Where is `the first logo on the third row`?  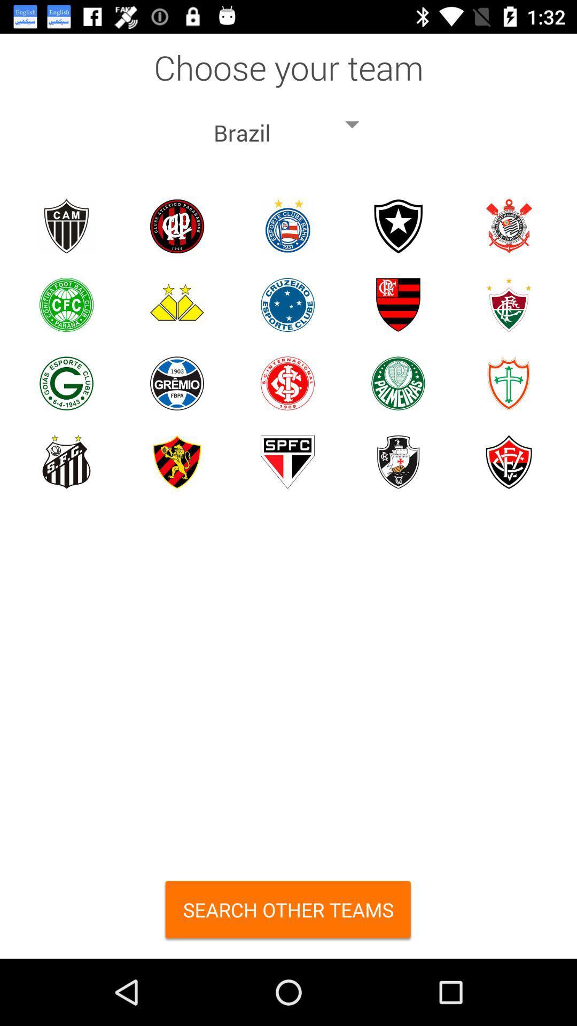 the first logo on the third row is located at coordinates (66, 383).